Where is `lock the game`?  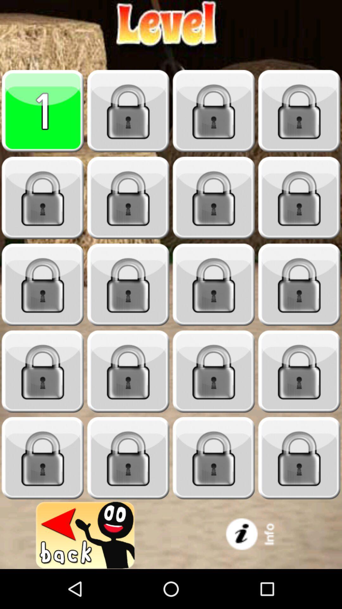 lock the game is located at coordinates (43, 371).